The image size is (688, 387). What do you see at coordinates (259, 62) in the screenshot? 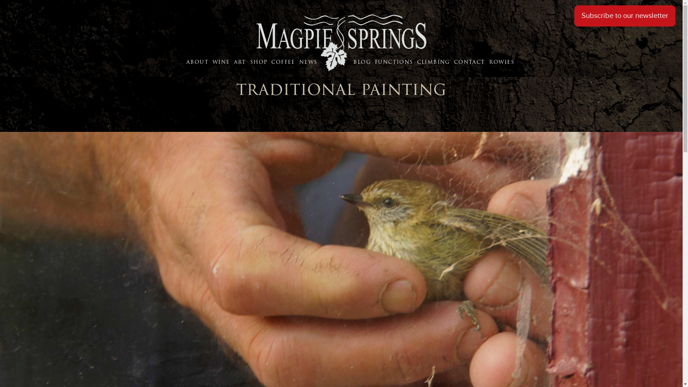
I see `'SHOP'` at bounding box center [259, 62].